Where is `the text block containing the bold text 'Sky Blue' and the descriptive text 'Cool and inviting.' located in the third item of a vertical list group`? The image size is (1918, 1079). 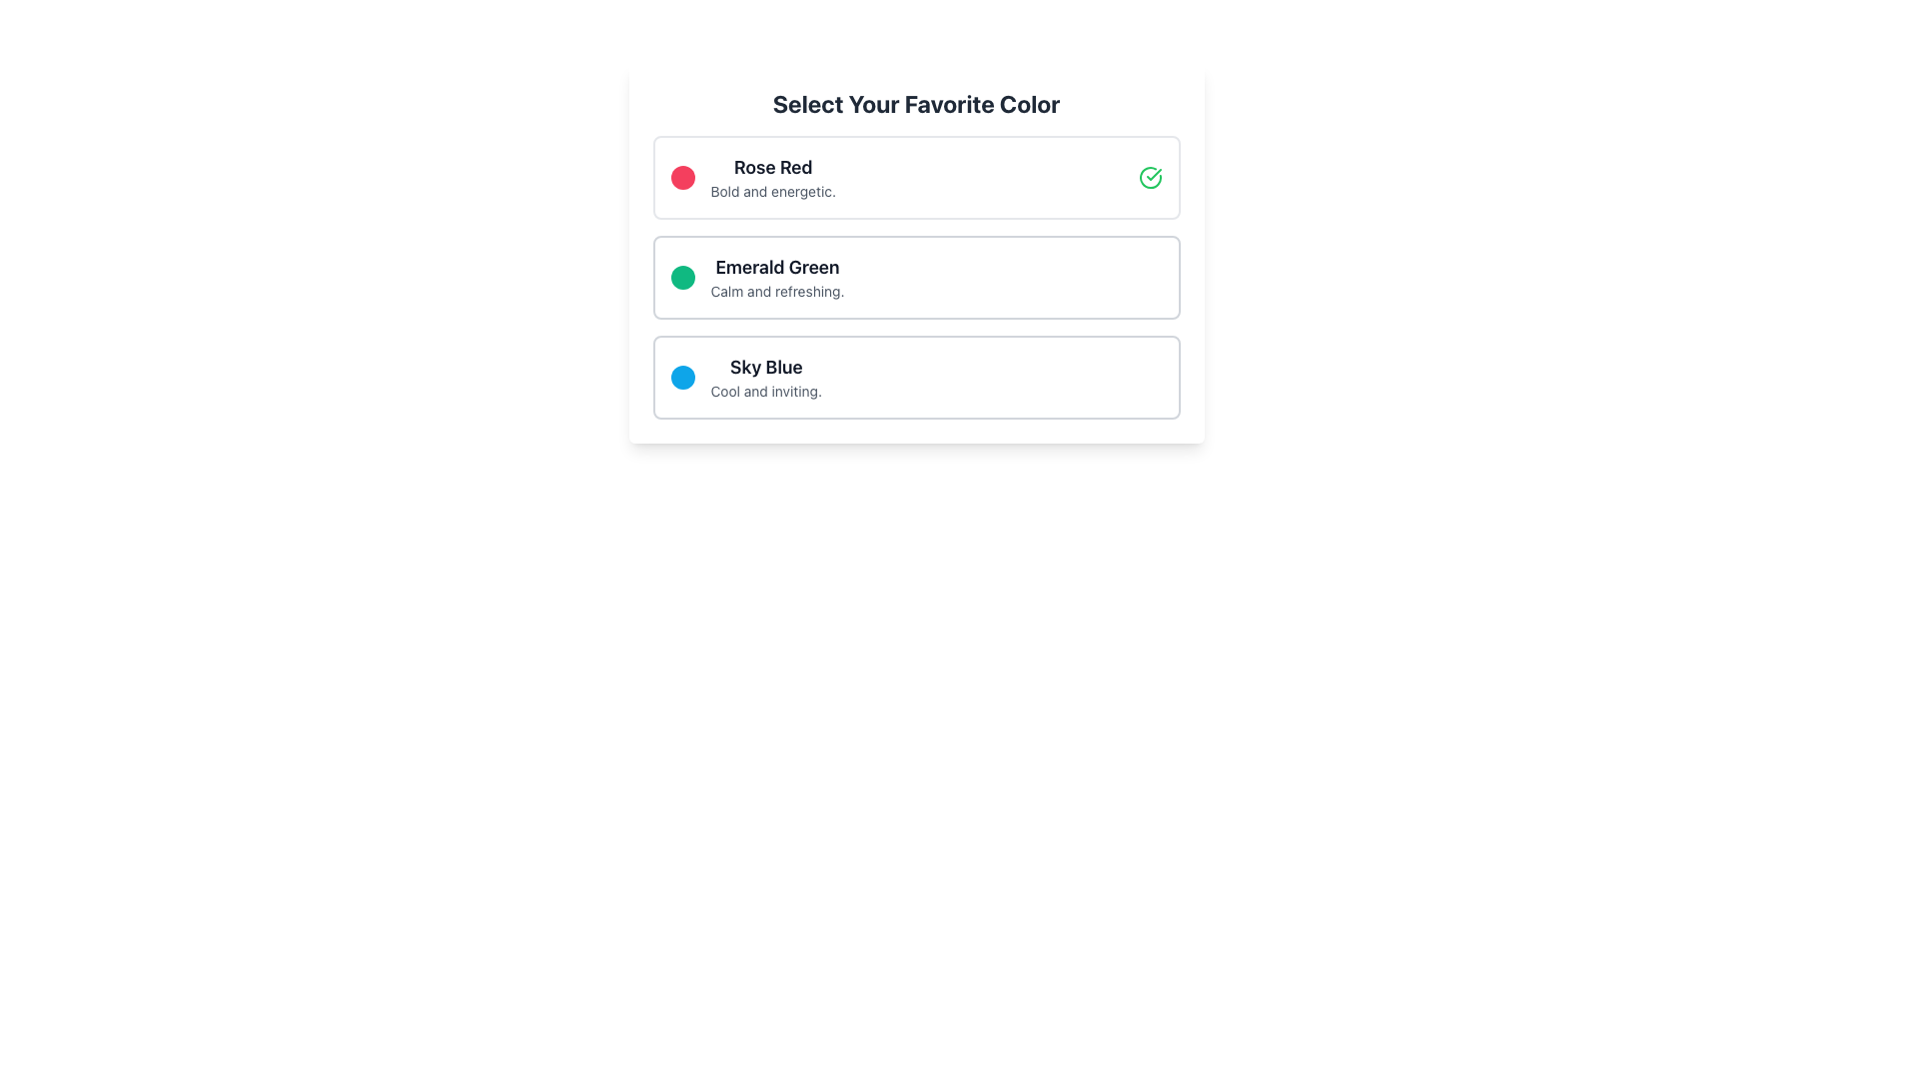 the text block containing the bold text 'Sky Blue' and the descriptive text 'Cool and inviting.' located in the third item of a vertical list group is located at coordinates (765, 378).